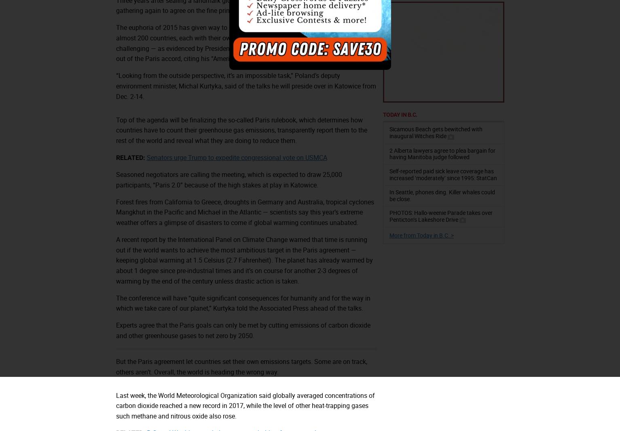  I want to click on 'Self-reported paid sick leave coverage has increased ‘moderately’ since 1995: StatCan', so click(389, 174).